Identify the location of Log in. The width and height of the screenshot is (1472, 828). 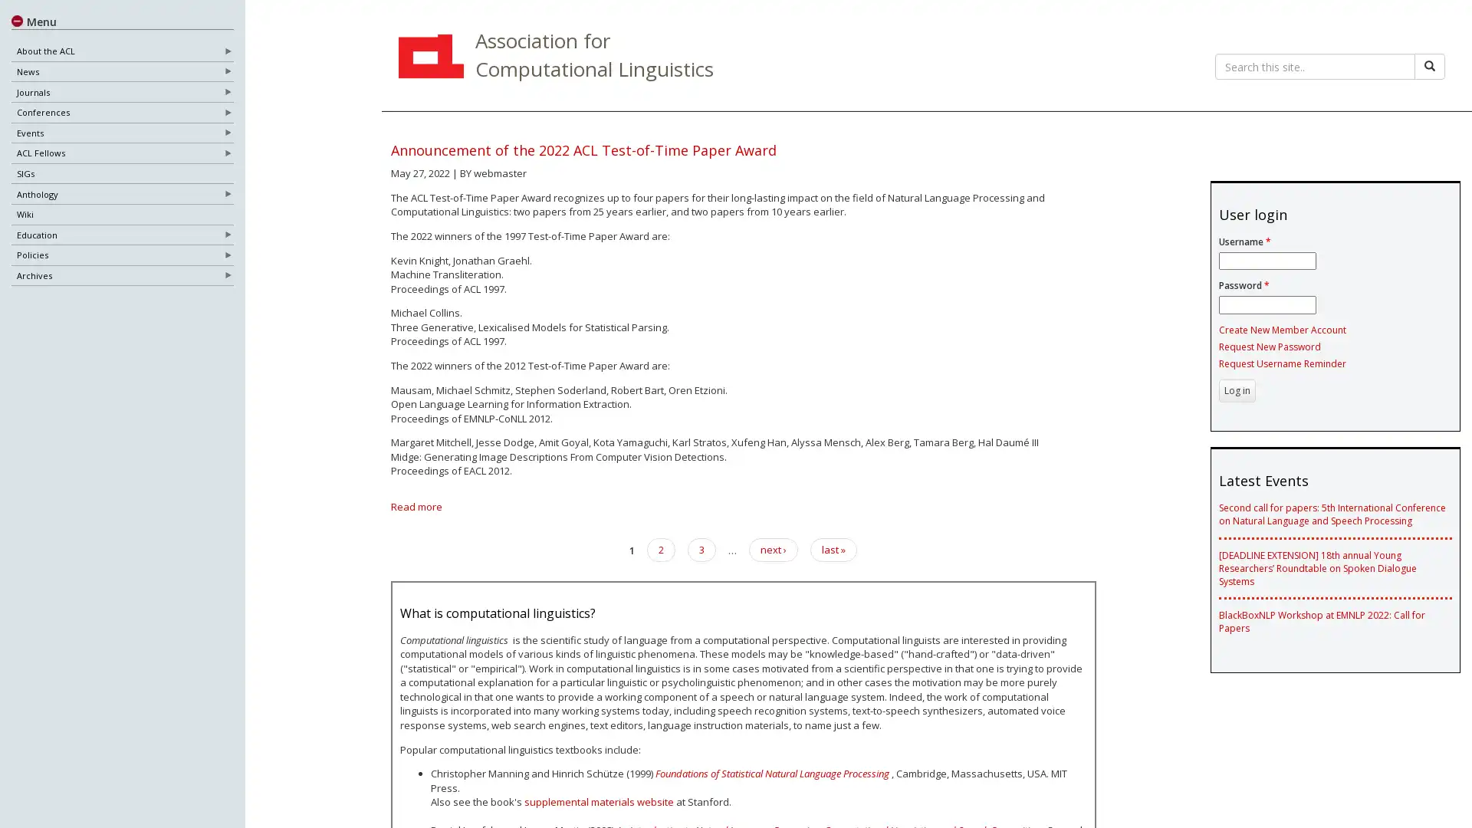
(1236, 389).